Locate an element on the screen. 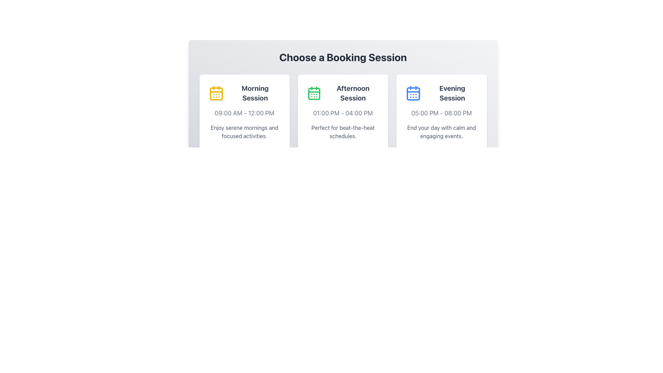 Image resolution: width=663 pixels, height=373 pixels. the SVG circle graphic located at the bottom right corner of the middle column associated with the 'Afternoon Session' option is located at coordinates (375, 152).